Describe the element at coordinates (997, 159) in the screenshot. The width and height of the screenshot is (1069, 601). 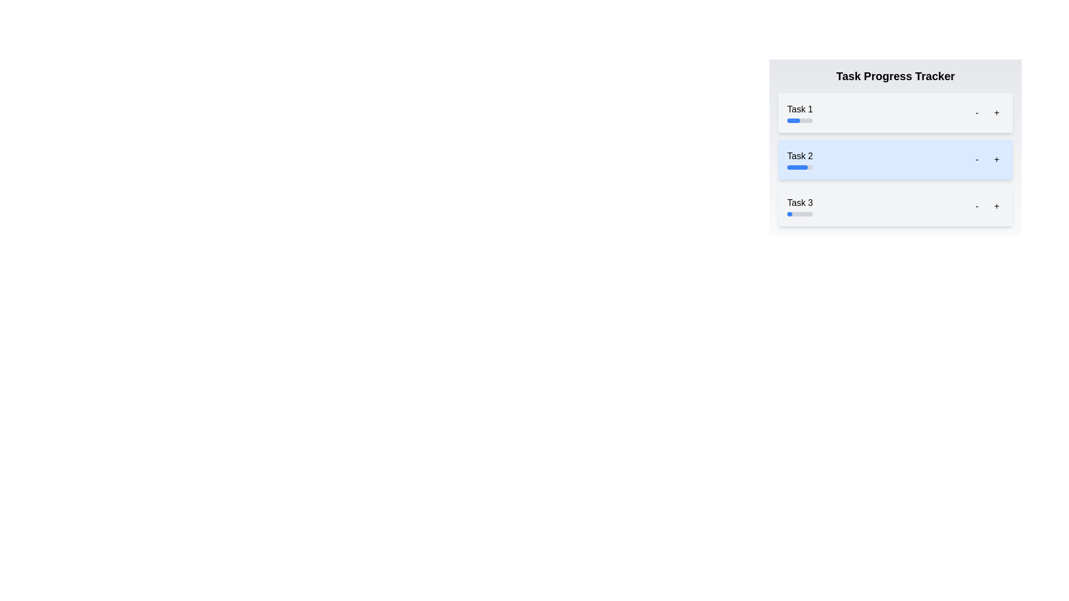
I see `the Task 2 progress adjustment button (increment)` at that location.